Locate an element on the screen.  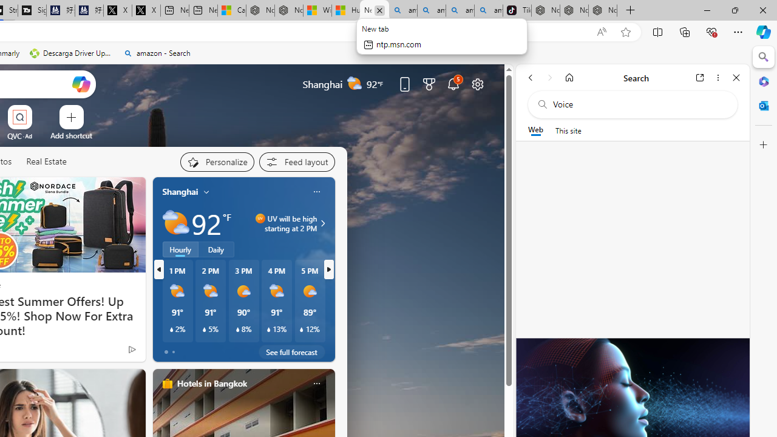
'Class: weather-current-precipitation-glyph' is located at coordinates (302, 330).